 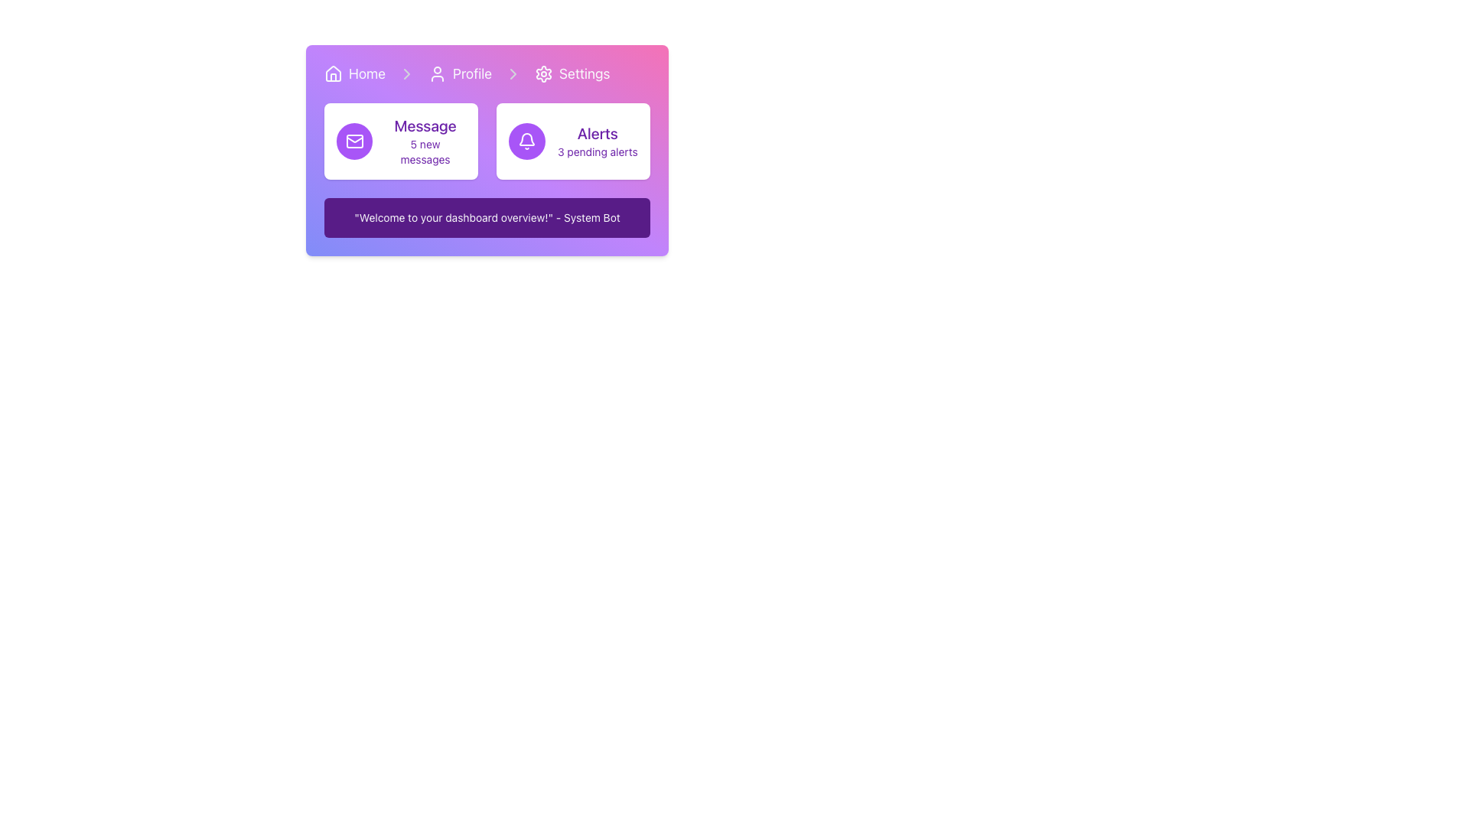 I want to click on the Text information block that displays alert-related information, indicating '3 pending alerts' in the top-right card layout, so click(x=597, y=141).